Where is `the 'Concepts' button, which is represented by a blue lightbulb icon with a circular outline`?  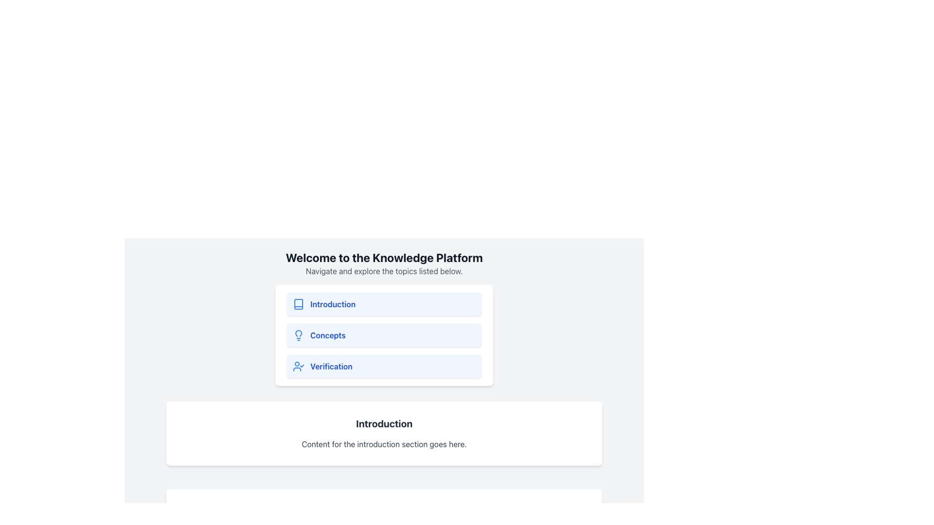
the 'Concepts' button, which is represented by a blue lightbulb icon with a circular outline is located at coordinates (298, 335).